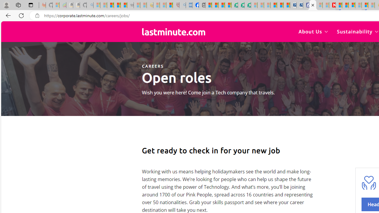  What do you see at coordinates (357, 31) in the screenshot?
I see `'Sustainability'` at bounding box center [357, 31].